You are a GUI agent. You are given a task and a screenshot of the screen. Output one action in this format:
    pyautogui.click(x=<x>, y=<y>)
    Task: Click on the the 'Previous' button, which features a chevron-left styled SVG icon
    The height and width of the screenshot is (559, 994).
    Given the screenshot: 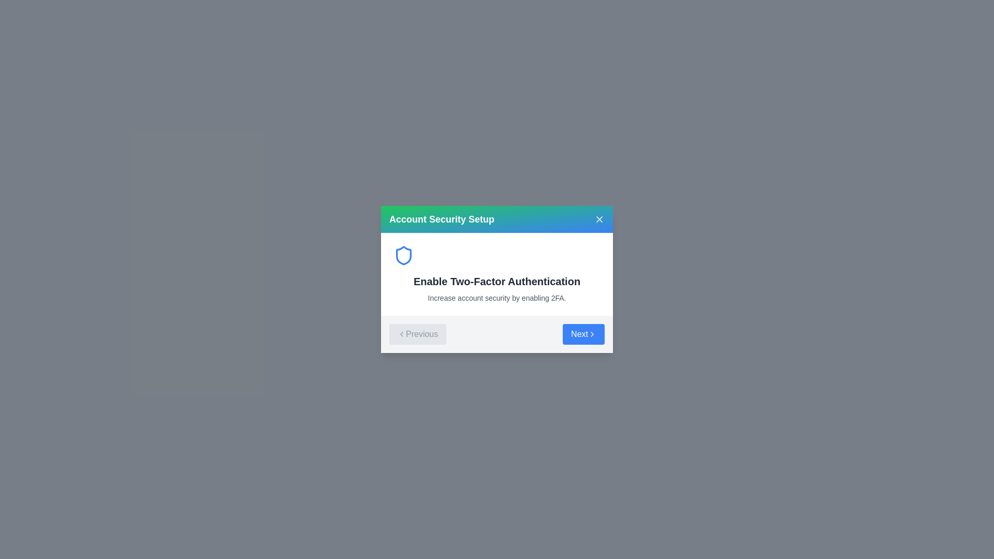 What is the action you would take?
    pyautogui.click(x=401, y=334)
    